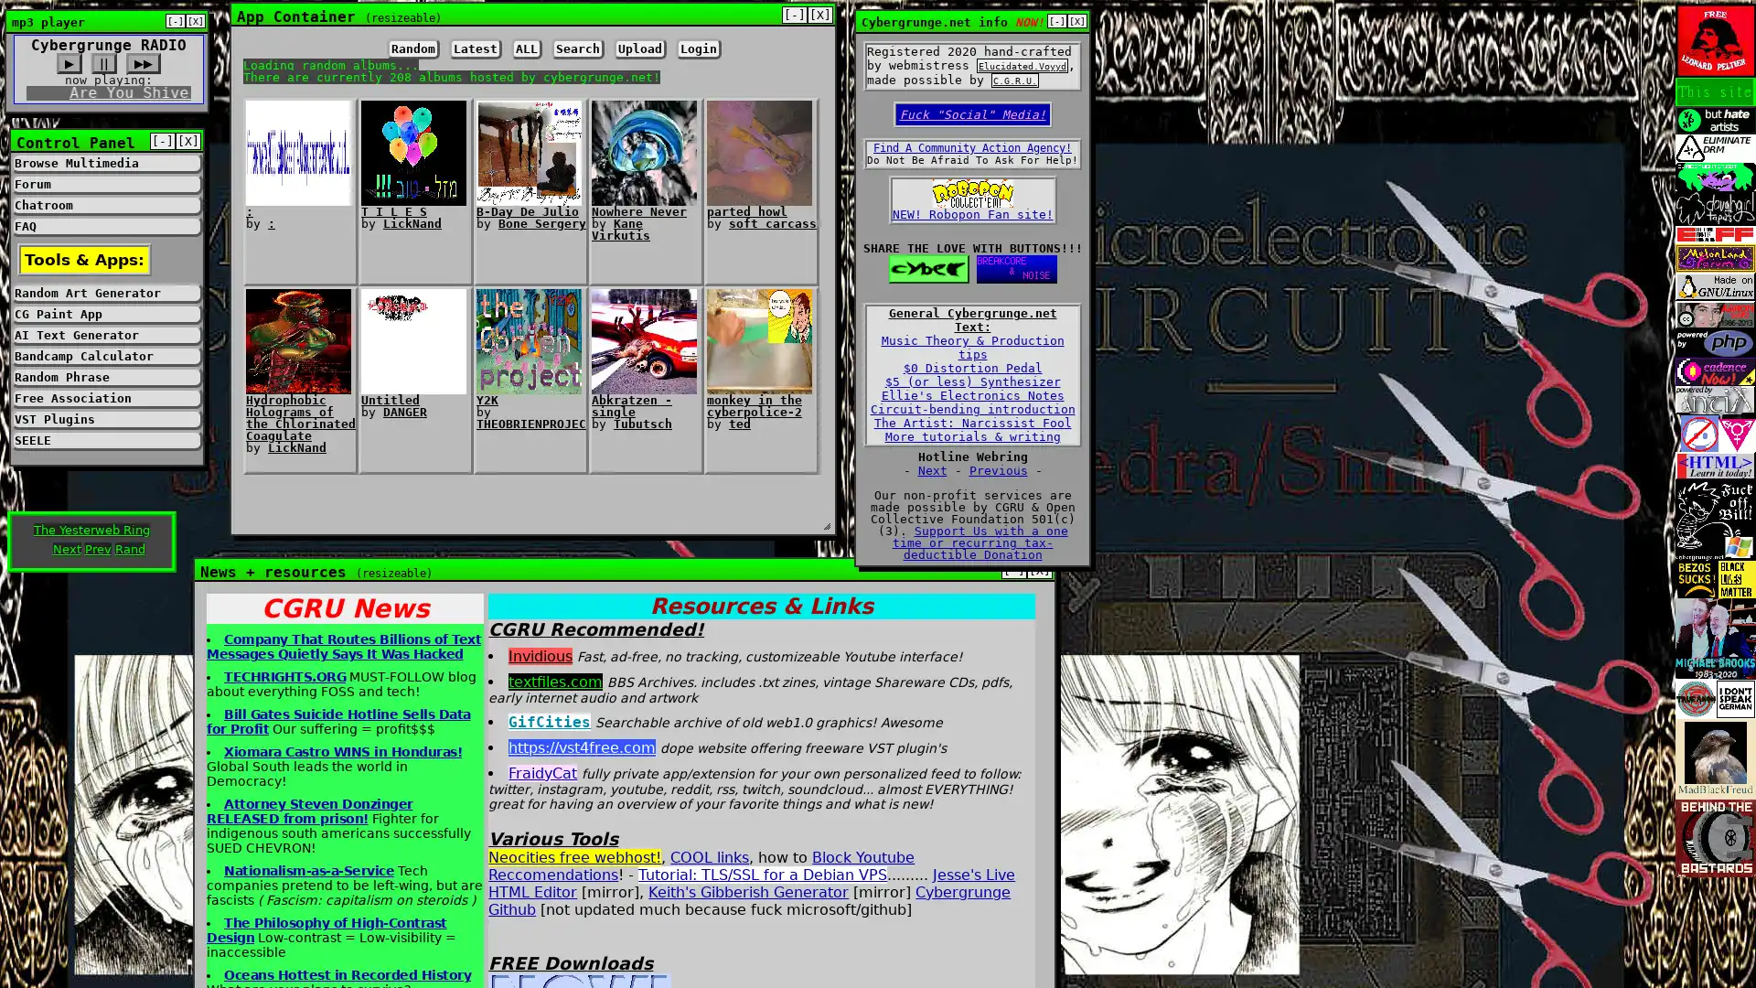 The width and height of the screenshot is (1756, 988). I want to click on Free Association, so click(105, 397).